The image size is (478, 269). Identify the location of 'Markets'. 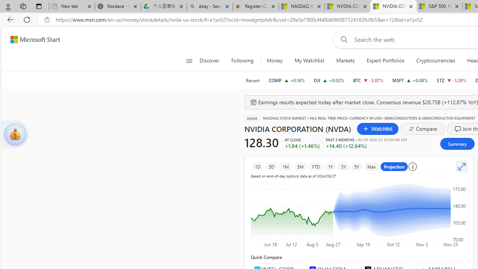
(345, 61).